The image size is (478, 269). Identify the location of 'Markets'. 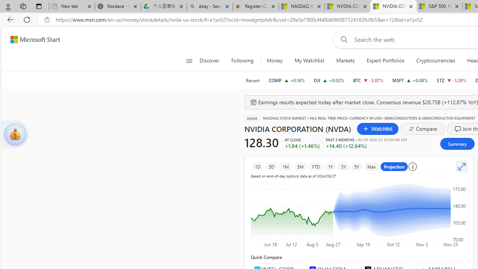
(345, 61).